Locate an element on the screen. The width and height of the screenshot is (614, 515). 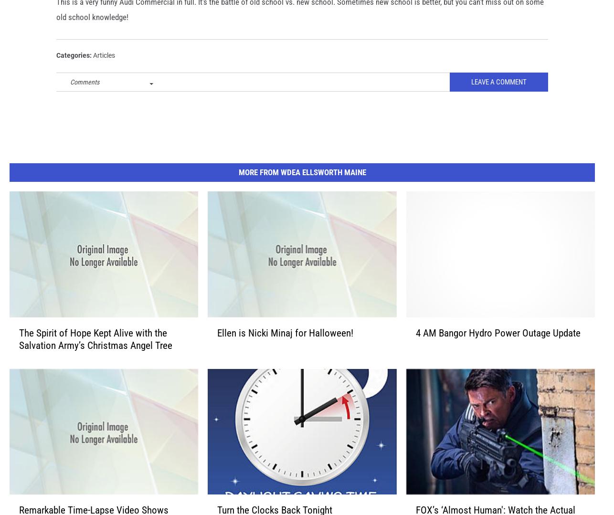
'More From WDEA Ellsworth Maine' is located at coordinates (237, 187).